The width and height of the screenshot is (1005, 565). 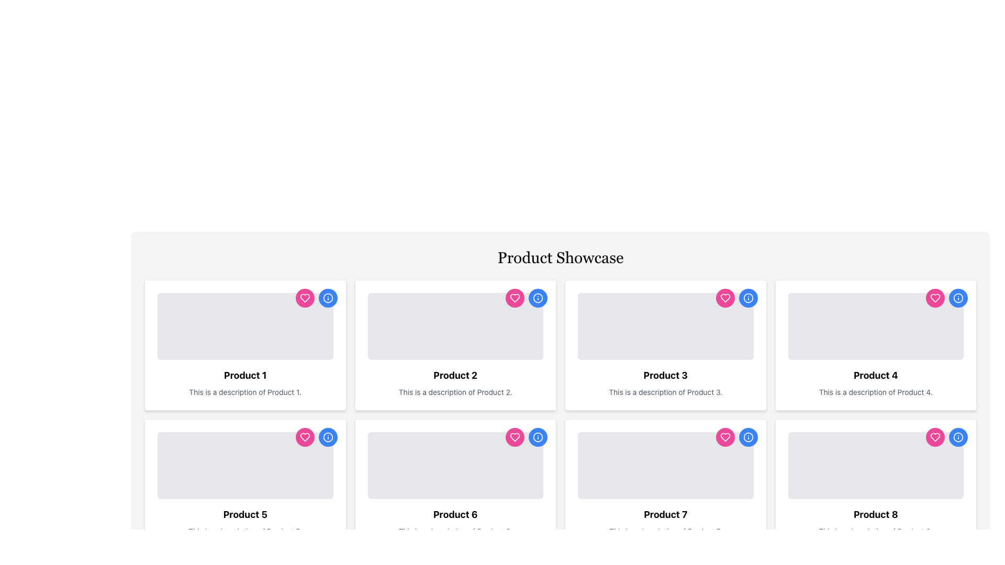 I want to click on the informational button located in the top right corner of the 'Product 8' card, so click(x=747, y=437).